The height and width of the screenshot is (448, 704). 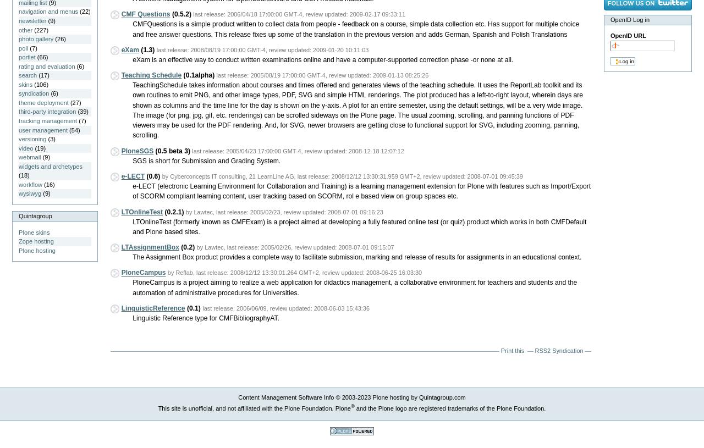 I want to click on 'versioning', so click(x=32, y=139).